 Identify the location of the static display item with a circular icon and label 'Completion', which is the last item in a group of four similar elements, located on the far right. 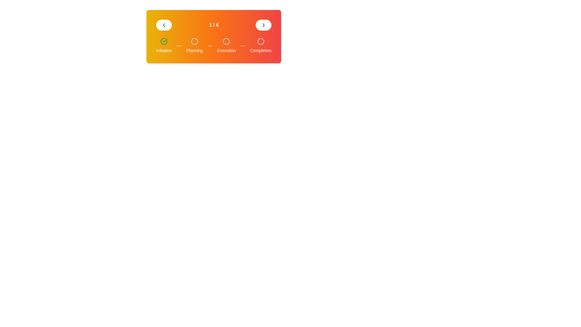
(261, 45).